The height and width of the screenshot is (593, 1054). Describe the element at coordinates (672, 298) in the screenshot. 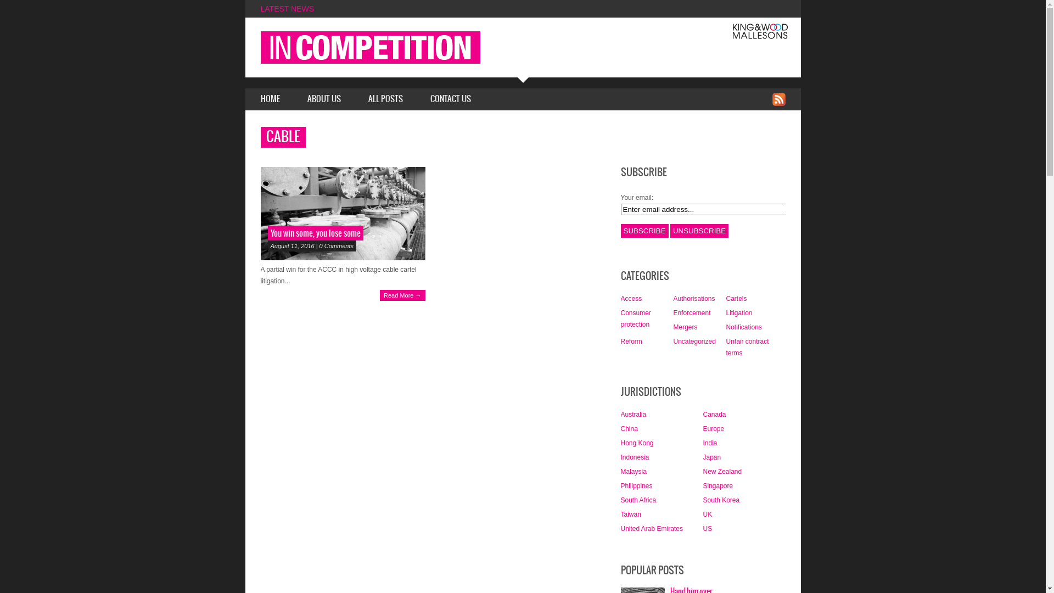

I see `'Authorisations'` at that location.